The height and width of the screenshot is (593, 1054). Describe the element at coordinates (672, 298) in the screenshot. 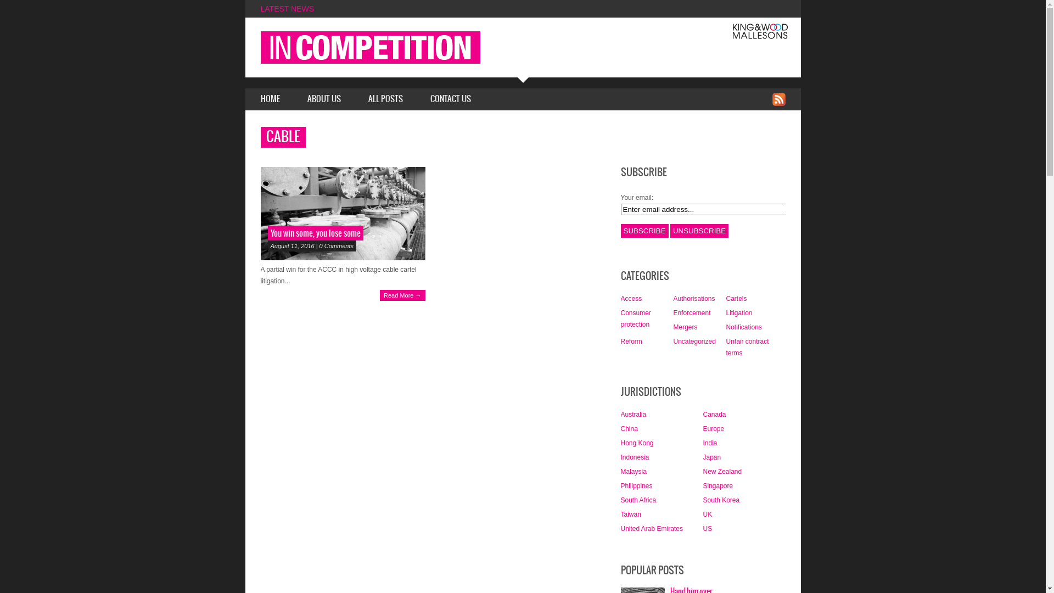

I see `'Authorisations'` at that location.